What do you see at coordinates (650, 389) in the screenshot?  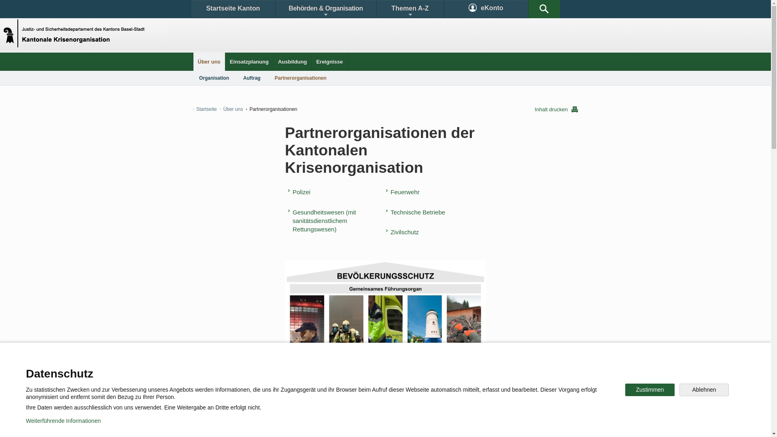 I see `'Zustimmen'` at bounding box center [650, 389].